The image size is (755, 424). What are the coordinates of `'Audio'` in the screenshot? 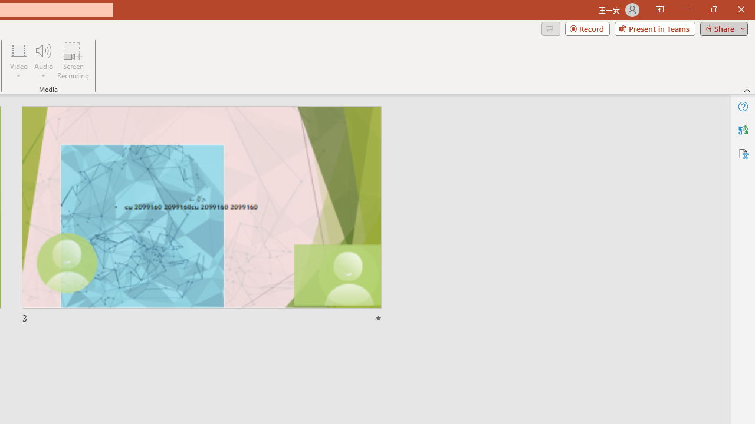 It's located at (43, 61).